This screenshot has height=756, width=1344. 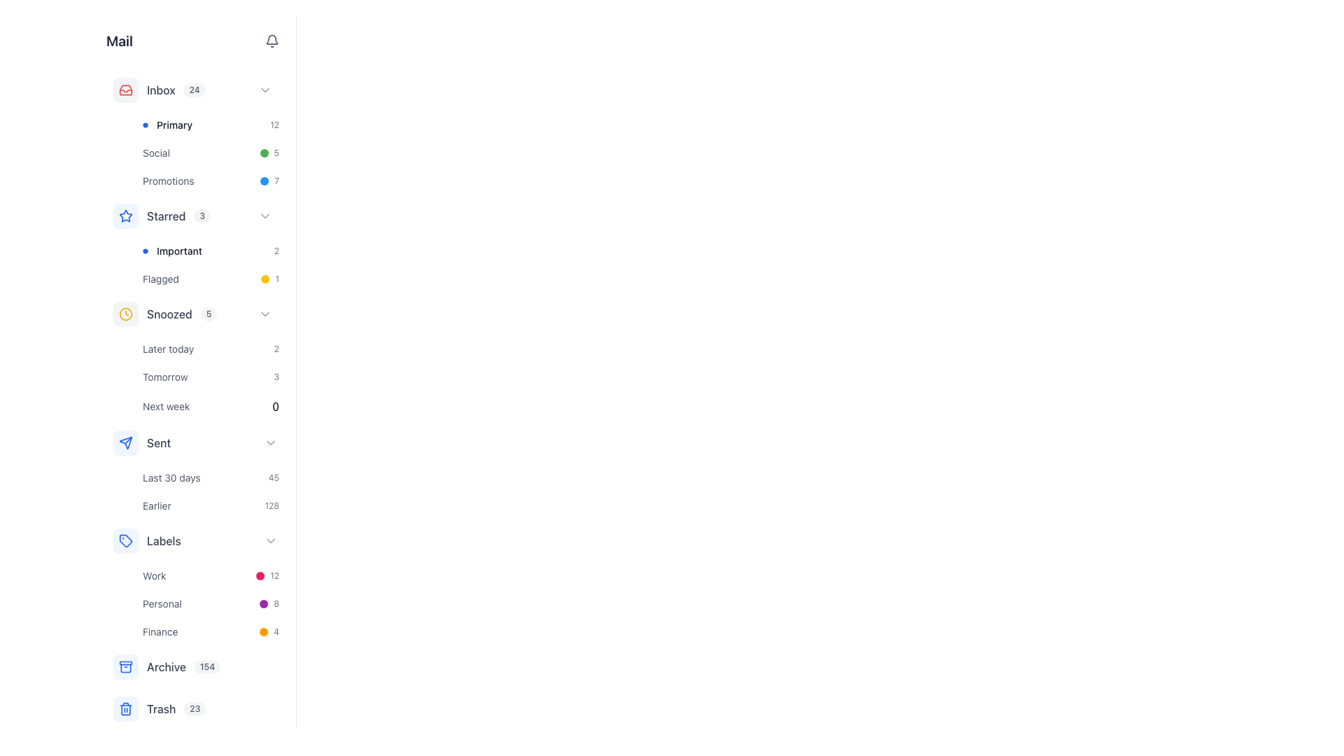 I want to click on the 'Trash' text label with the count badge '23', so click(x=176, y=709).